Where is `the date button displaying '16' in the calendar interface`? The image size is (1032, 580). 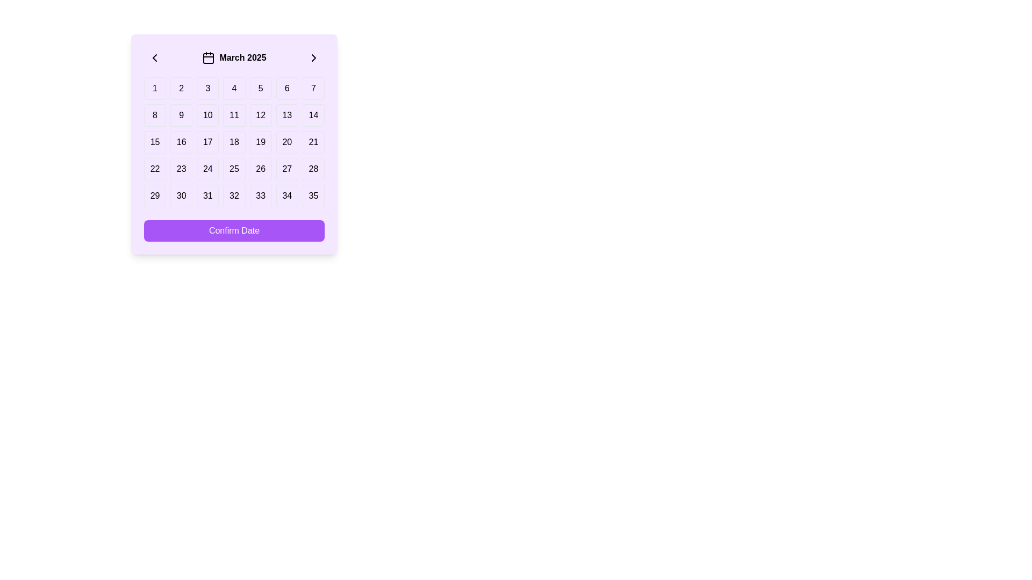
the date button displaying '16' in the calendar interface is located at coordinates (181, 142).